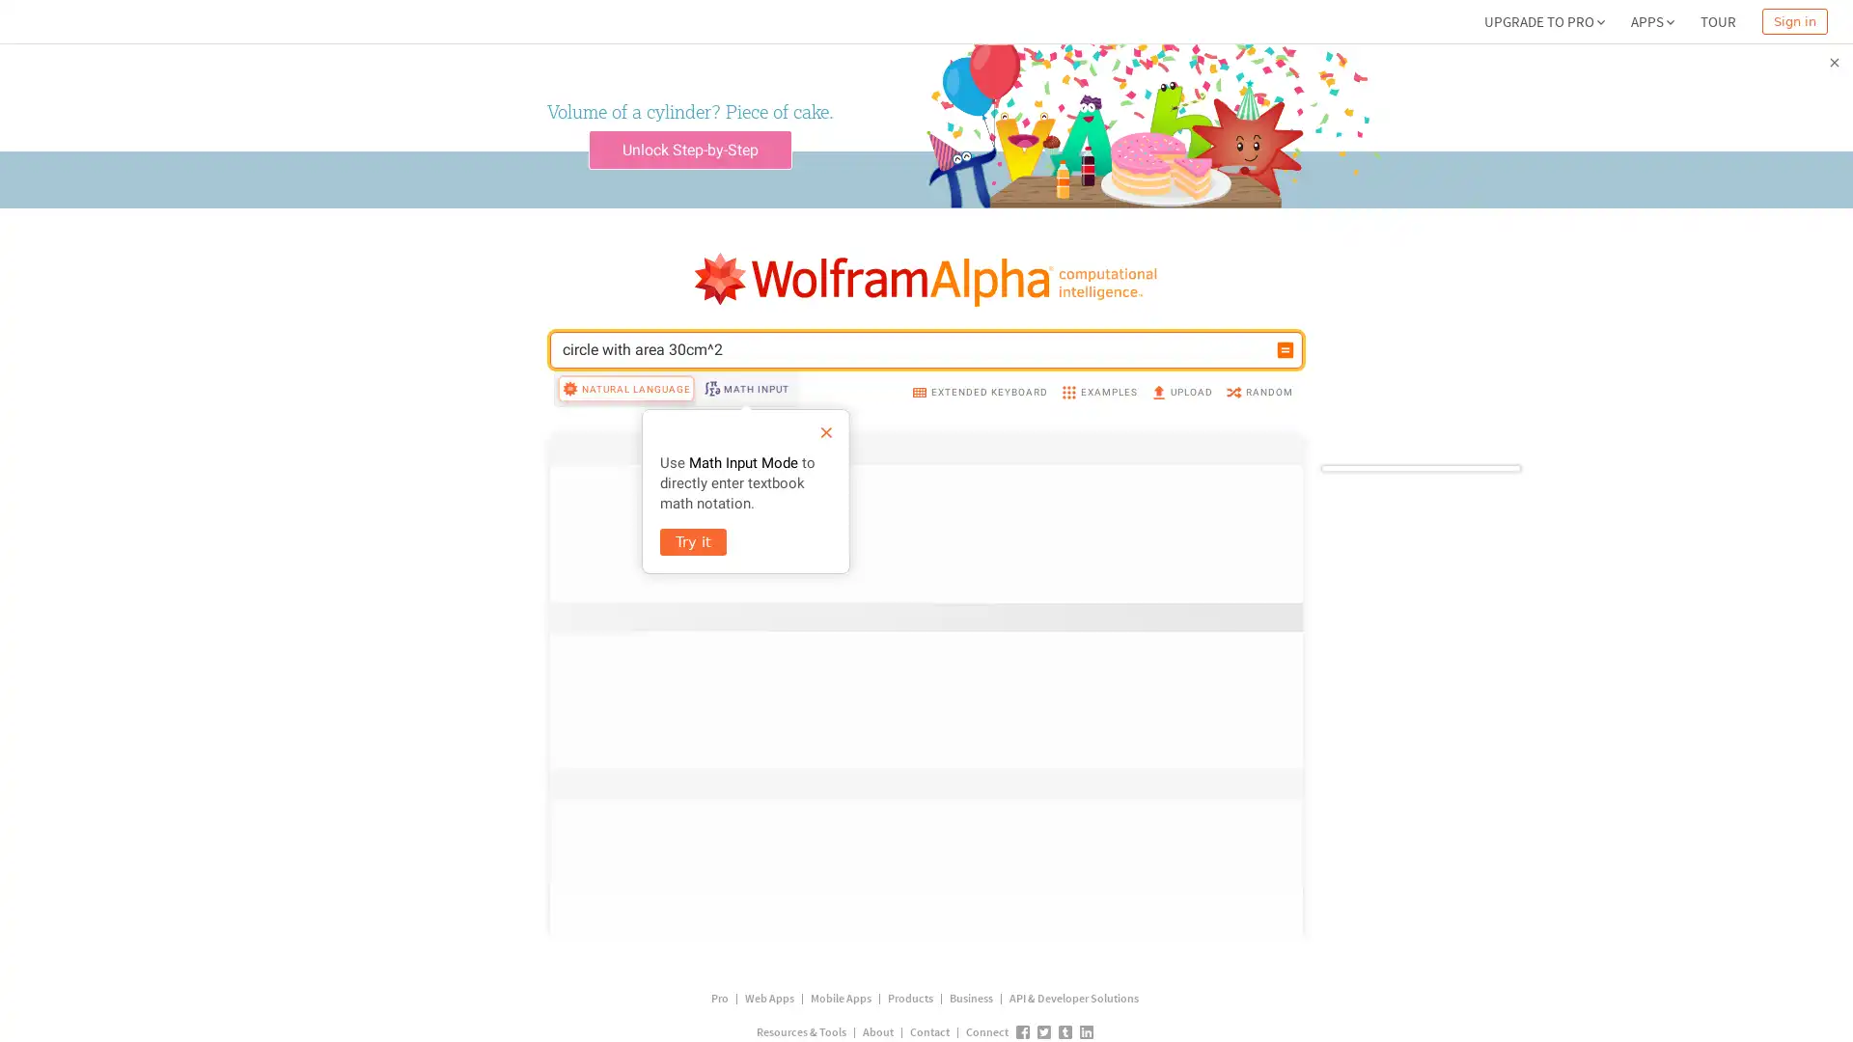 This screenshot has width=1853, height=1042. Describe the element at coordinates (1180, 391) in the screenshot. I see `UPLOAD` at that location.